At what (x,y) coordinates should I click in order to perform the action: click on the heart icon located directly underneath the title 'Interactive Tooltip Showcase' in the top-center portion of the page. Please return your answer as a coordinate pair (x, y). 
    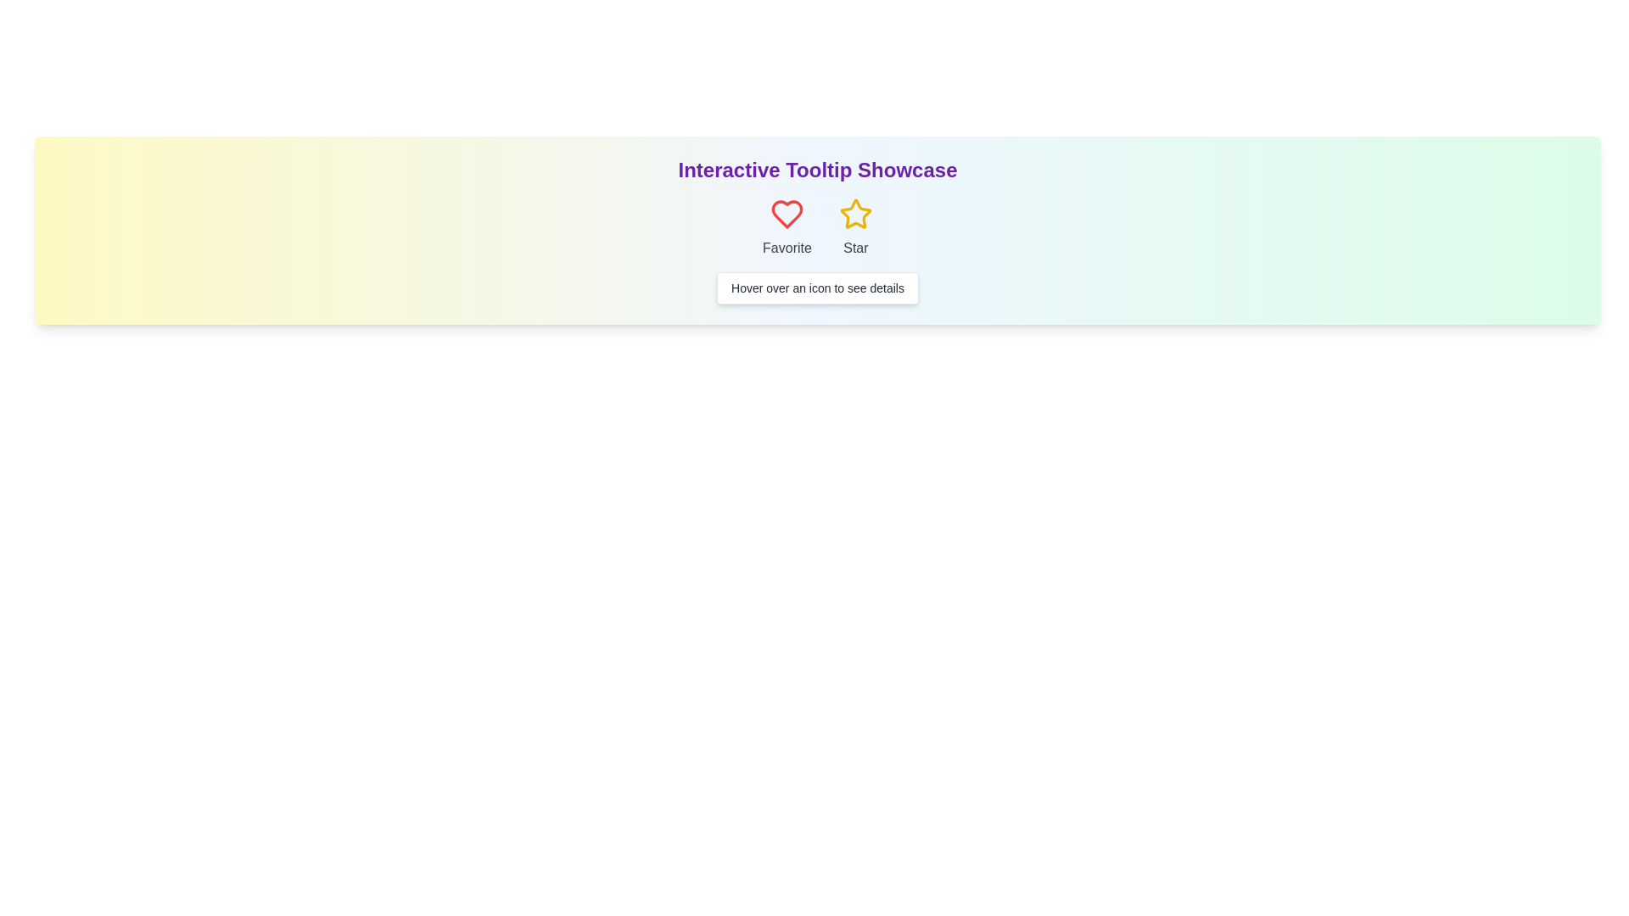
    Looking at the image, I should click on (786, 214).